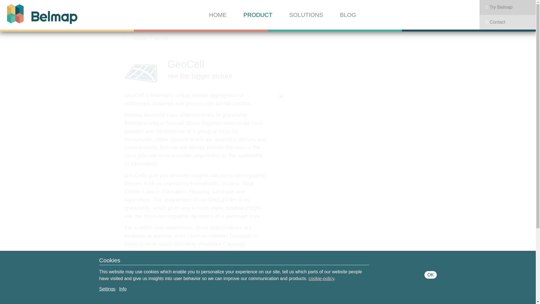 Image resolution: width=540 pixels, height=304 pixels. What do you see at coordinates (258, 14) in the screenshot?
I see `'PRODUCT'` at bounding box center [258, 14].